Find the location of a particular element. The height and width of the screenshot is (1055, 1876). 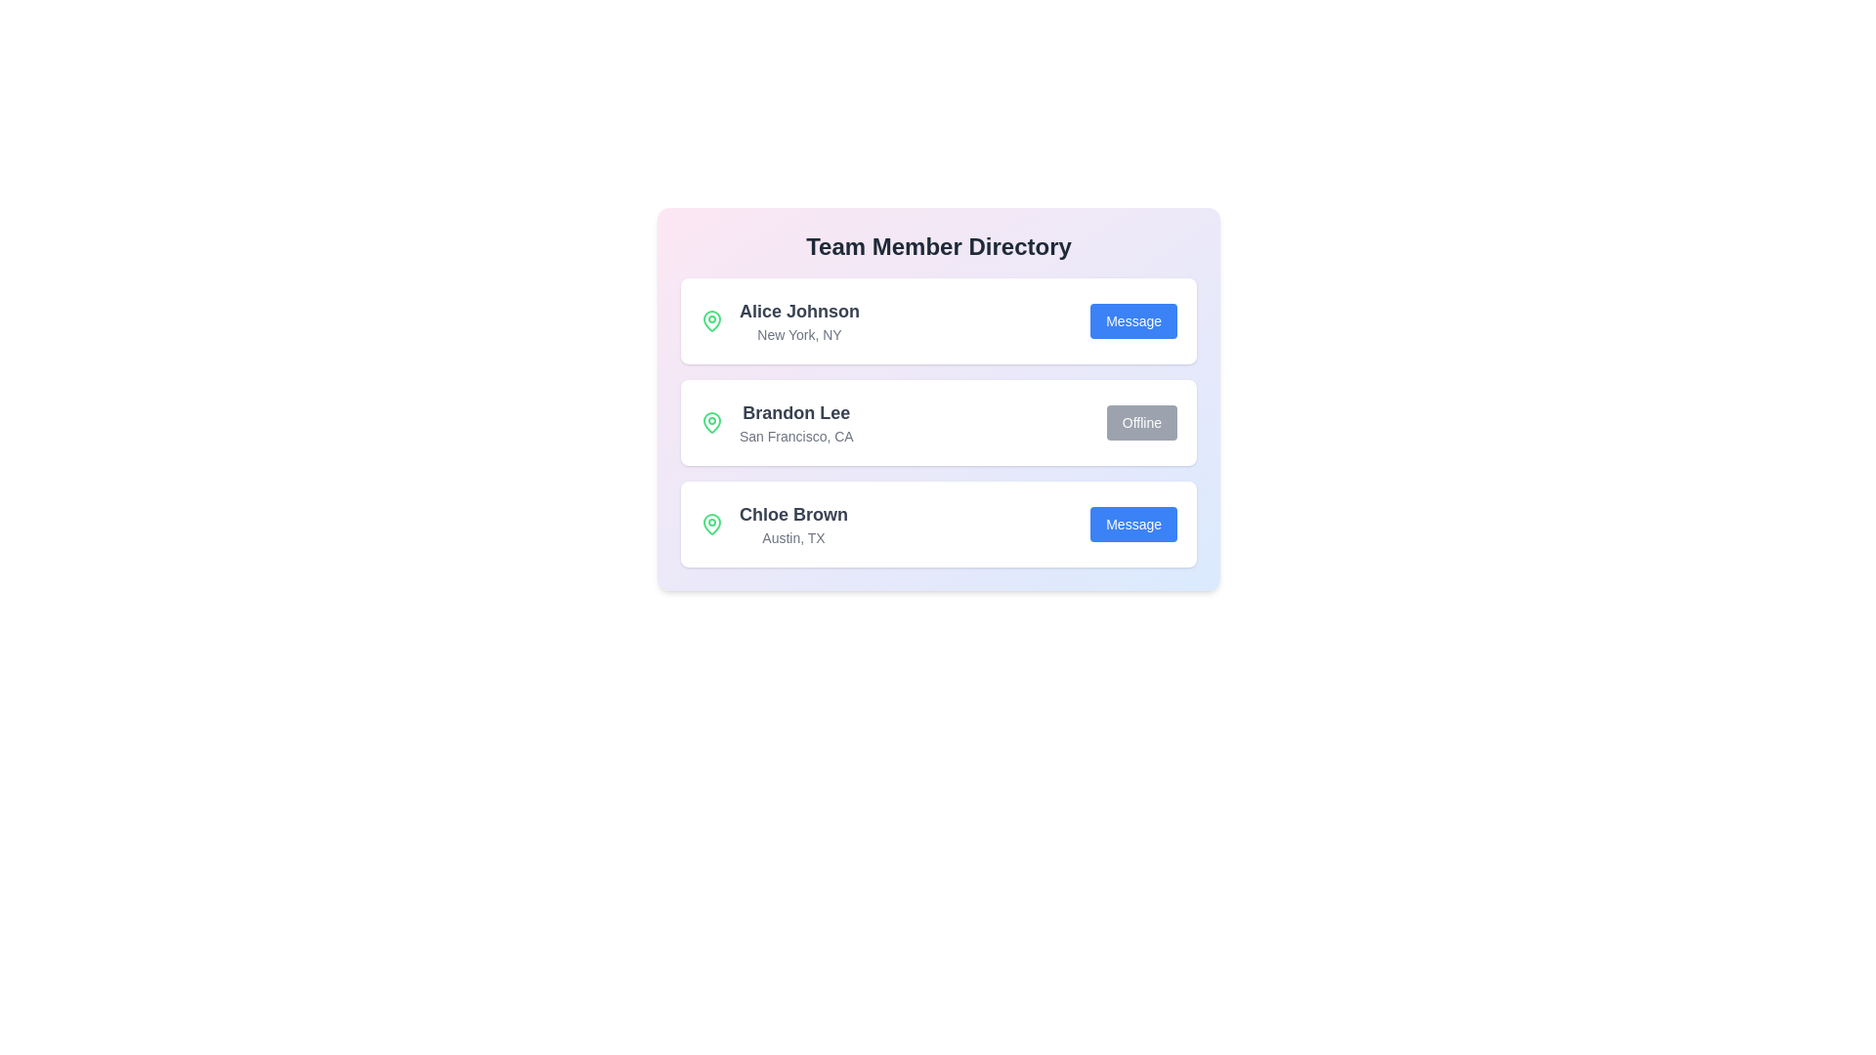

'Message' button for the contact Alice Johnson is located at coordinates (1133, 319).